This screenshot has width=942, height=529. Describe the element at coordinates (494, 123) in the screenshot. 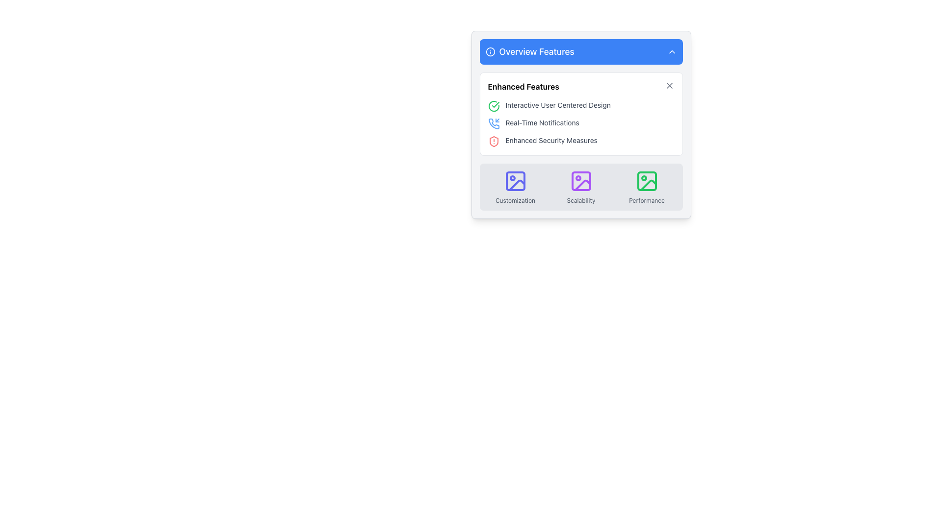

I see `the icon depicting a phone with an arrow, which is styled with a thin blue stroke and located near the text 'Real-Time Notifications' in the 'Enhanced Features' section` at that location.